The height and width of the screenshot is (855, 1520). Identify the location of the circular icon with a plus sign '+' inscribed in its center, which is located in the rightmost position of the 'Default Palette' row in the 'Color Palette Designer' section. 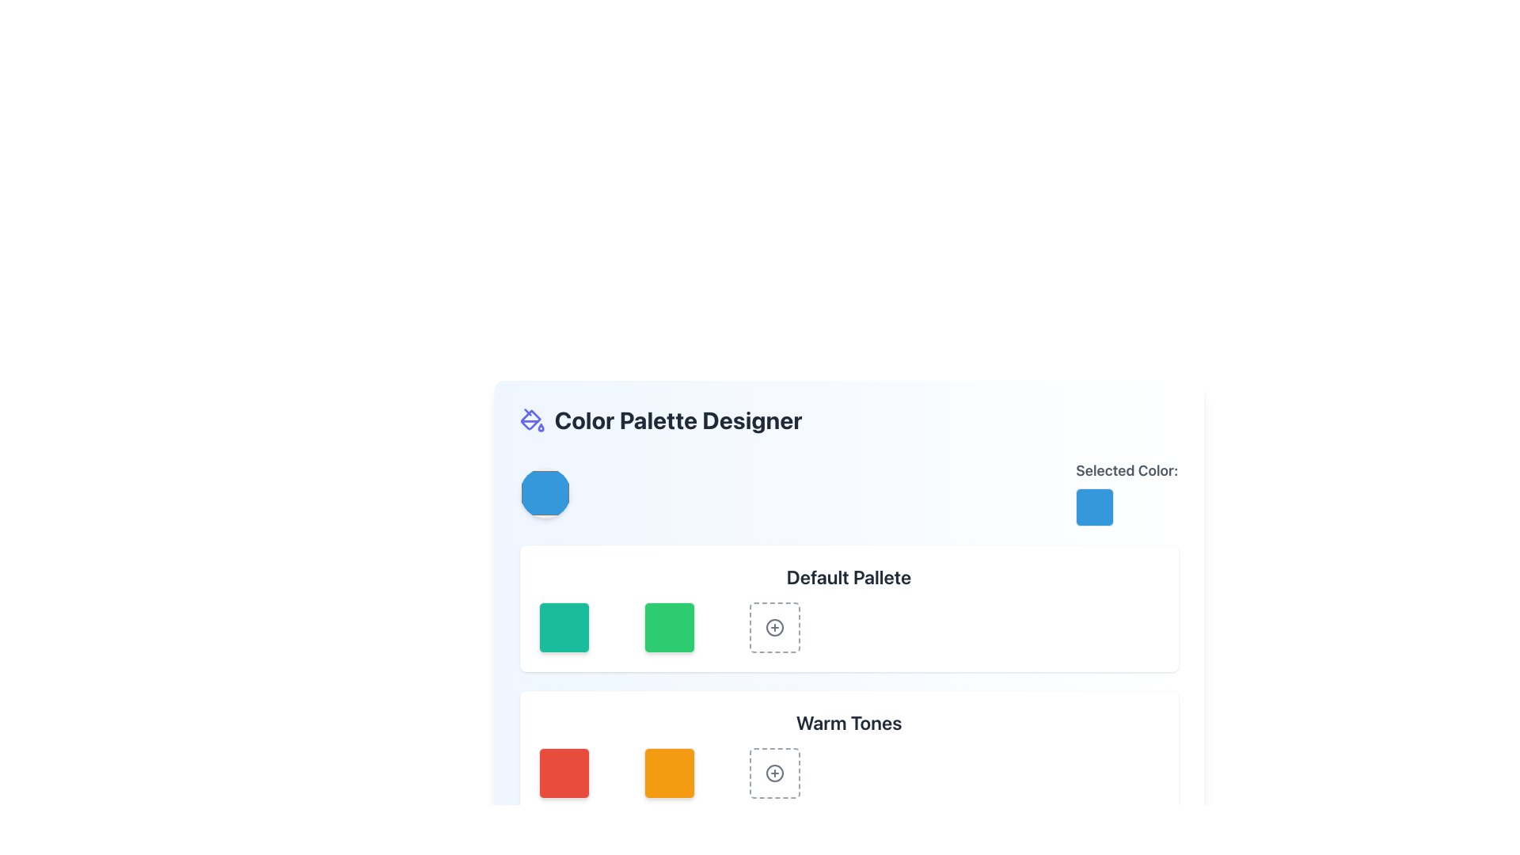
(775, 772).